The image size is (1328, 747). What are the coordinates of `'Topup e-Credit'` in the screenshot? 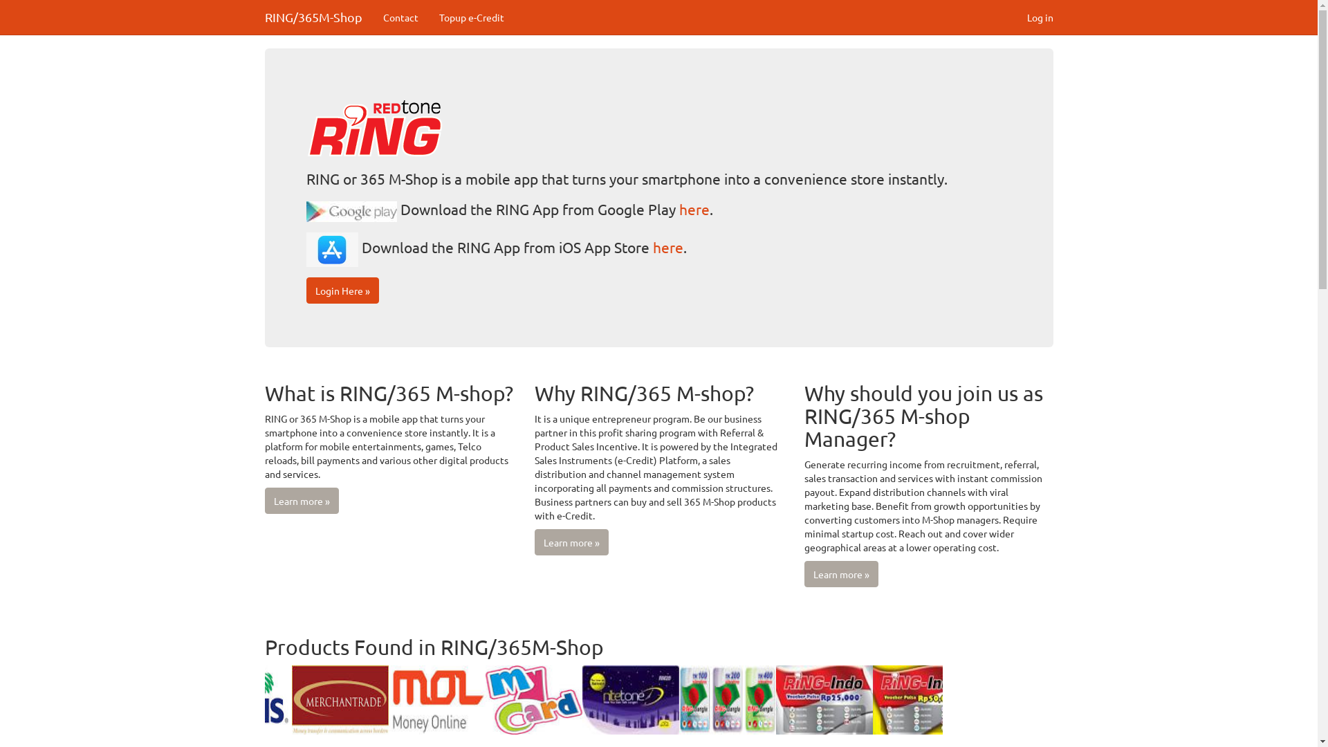 It's located at (471, 17).